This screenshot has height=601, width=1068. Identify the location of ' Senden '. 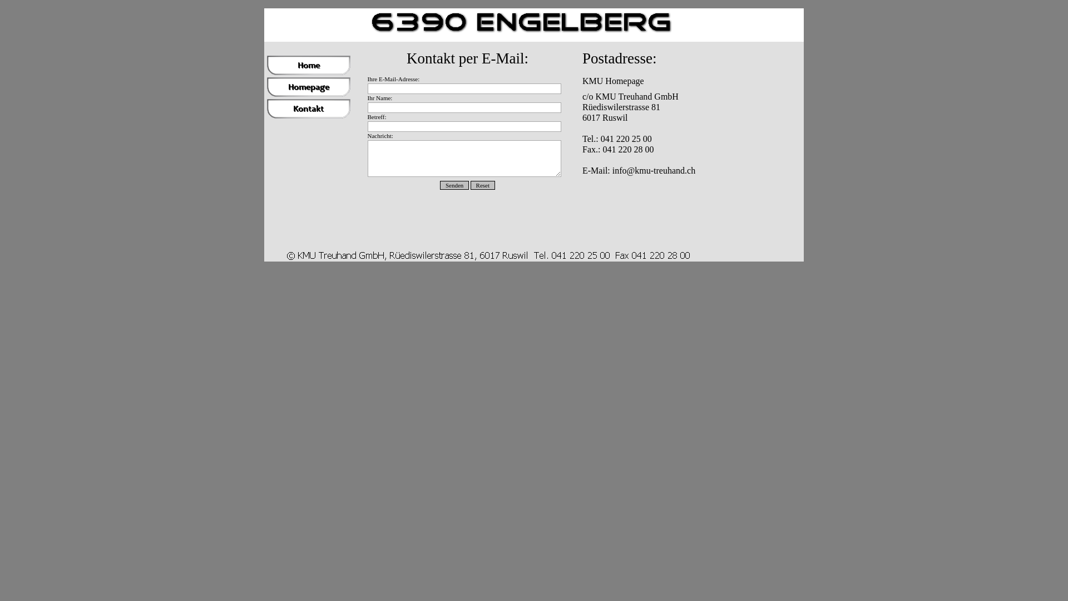
(454, 184).